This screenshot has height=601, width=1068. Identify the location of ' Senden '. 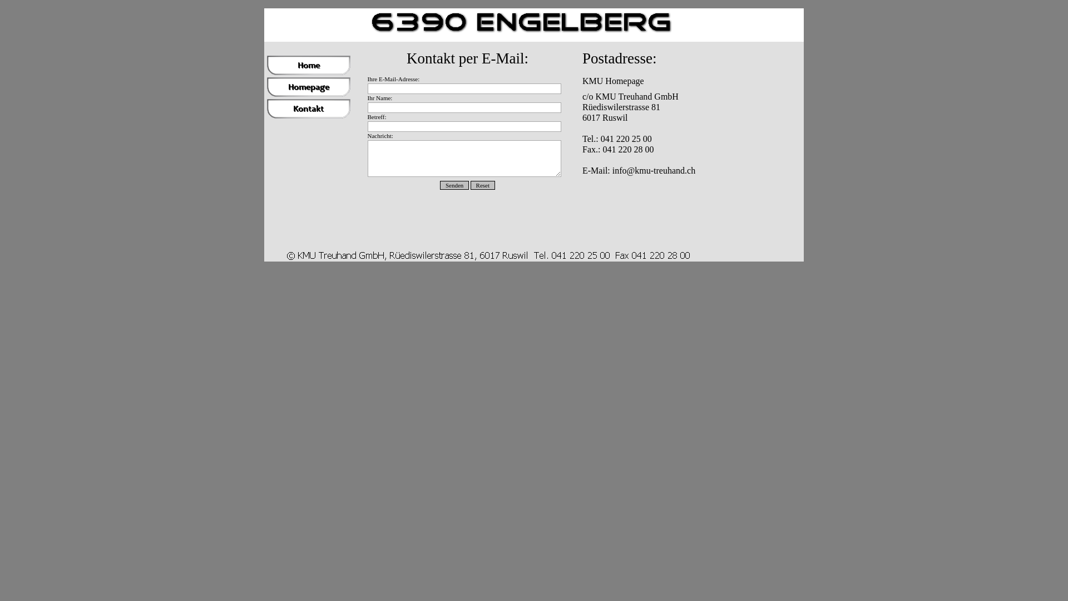
(454, 184).